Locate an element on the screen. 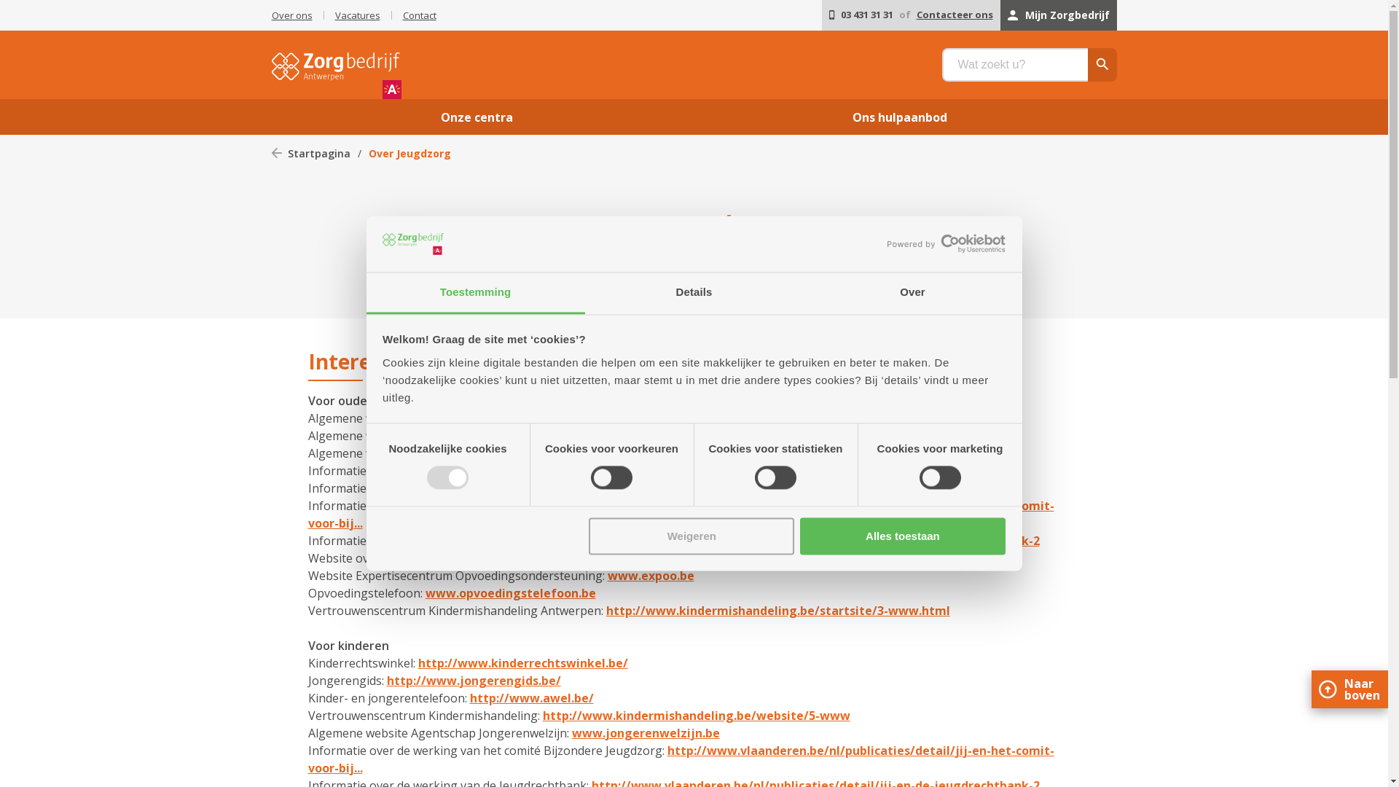 The width and height of the screenshot is (1399, 787). 'Alles toestaan' is located at coordinates (799, 536).